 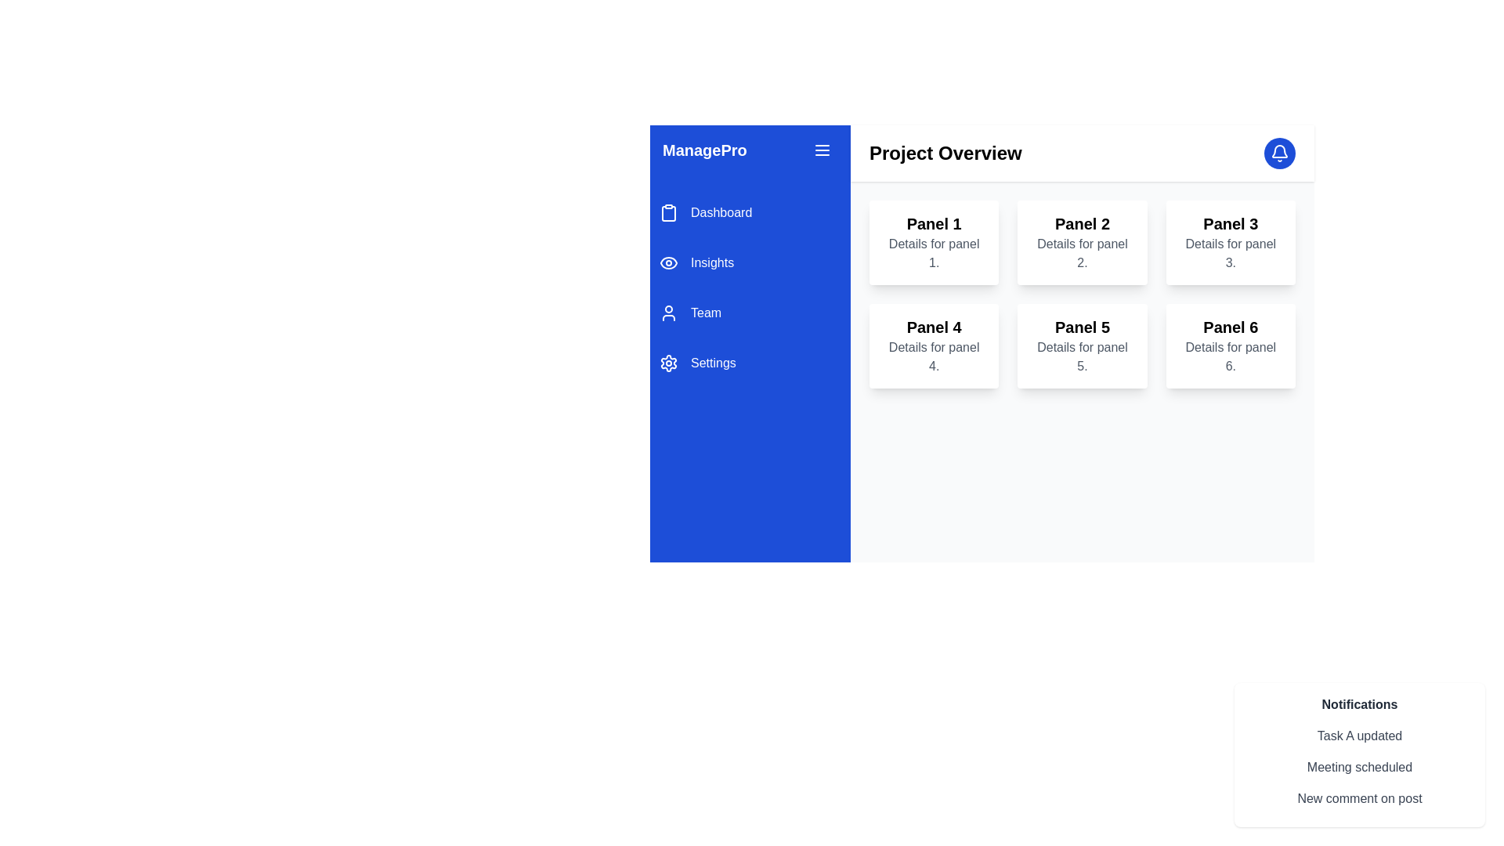 I want to click on the hamburger menu icon button located in the top portion of the interface, just to the right of the 'ManagePro' text in the blue sidebar, so click(x=822, y=150).